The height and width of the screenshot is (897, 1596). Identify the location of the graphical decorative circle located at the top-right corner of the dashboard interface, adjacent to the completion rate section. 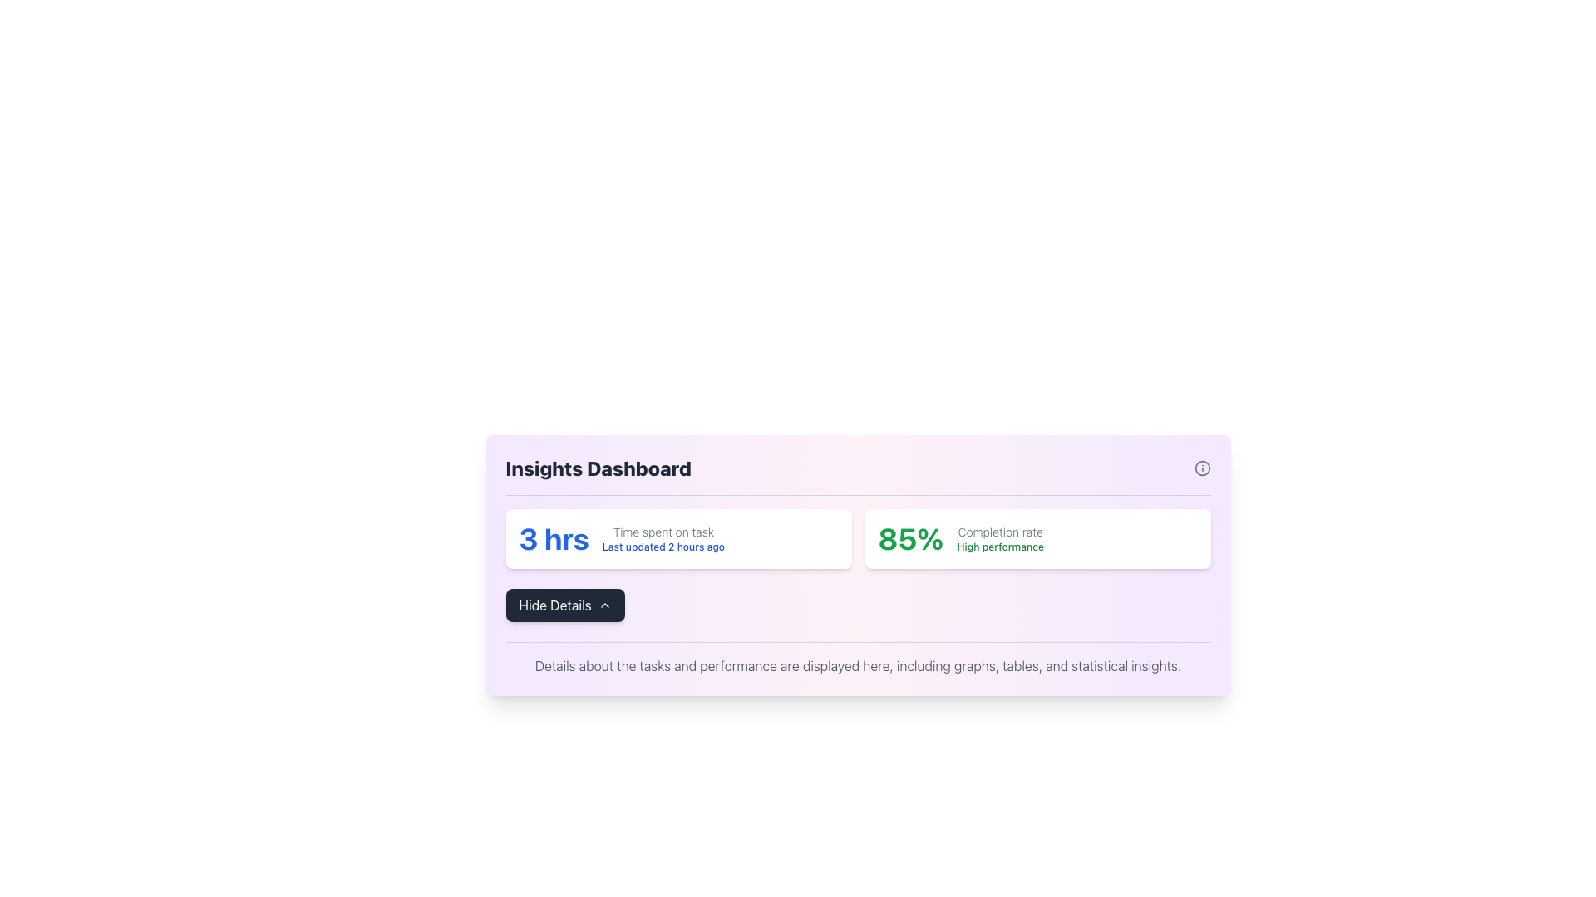
(1202, 468).